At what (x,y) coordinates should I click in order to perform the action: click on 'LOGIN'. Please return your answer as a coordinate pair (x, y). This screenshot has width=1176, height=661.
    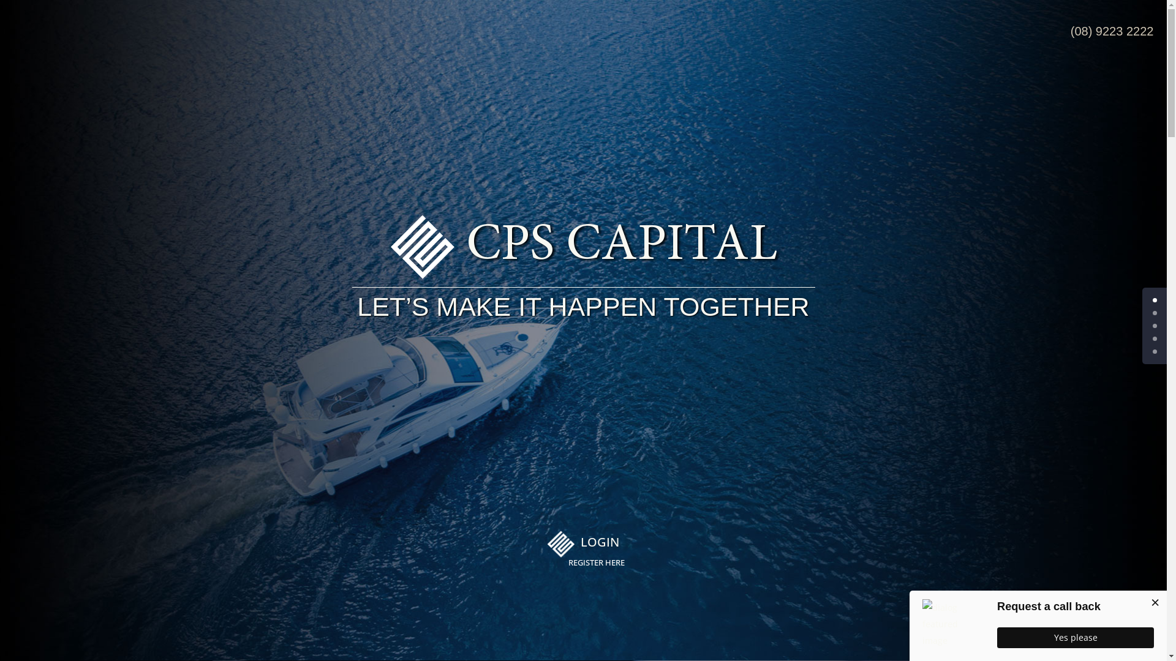
    Looking at the image, I should click on (580, 542).